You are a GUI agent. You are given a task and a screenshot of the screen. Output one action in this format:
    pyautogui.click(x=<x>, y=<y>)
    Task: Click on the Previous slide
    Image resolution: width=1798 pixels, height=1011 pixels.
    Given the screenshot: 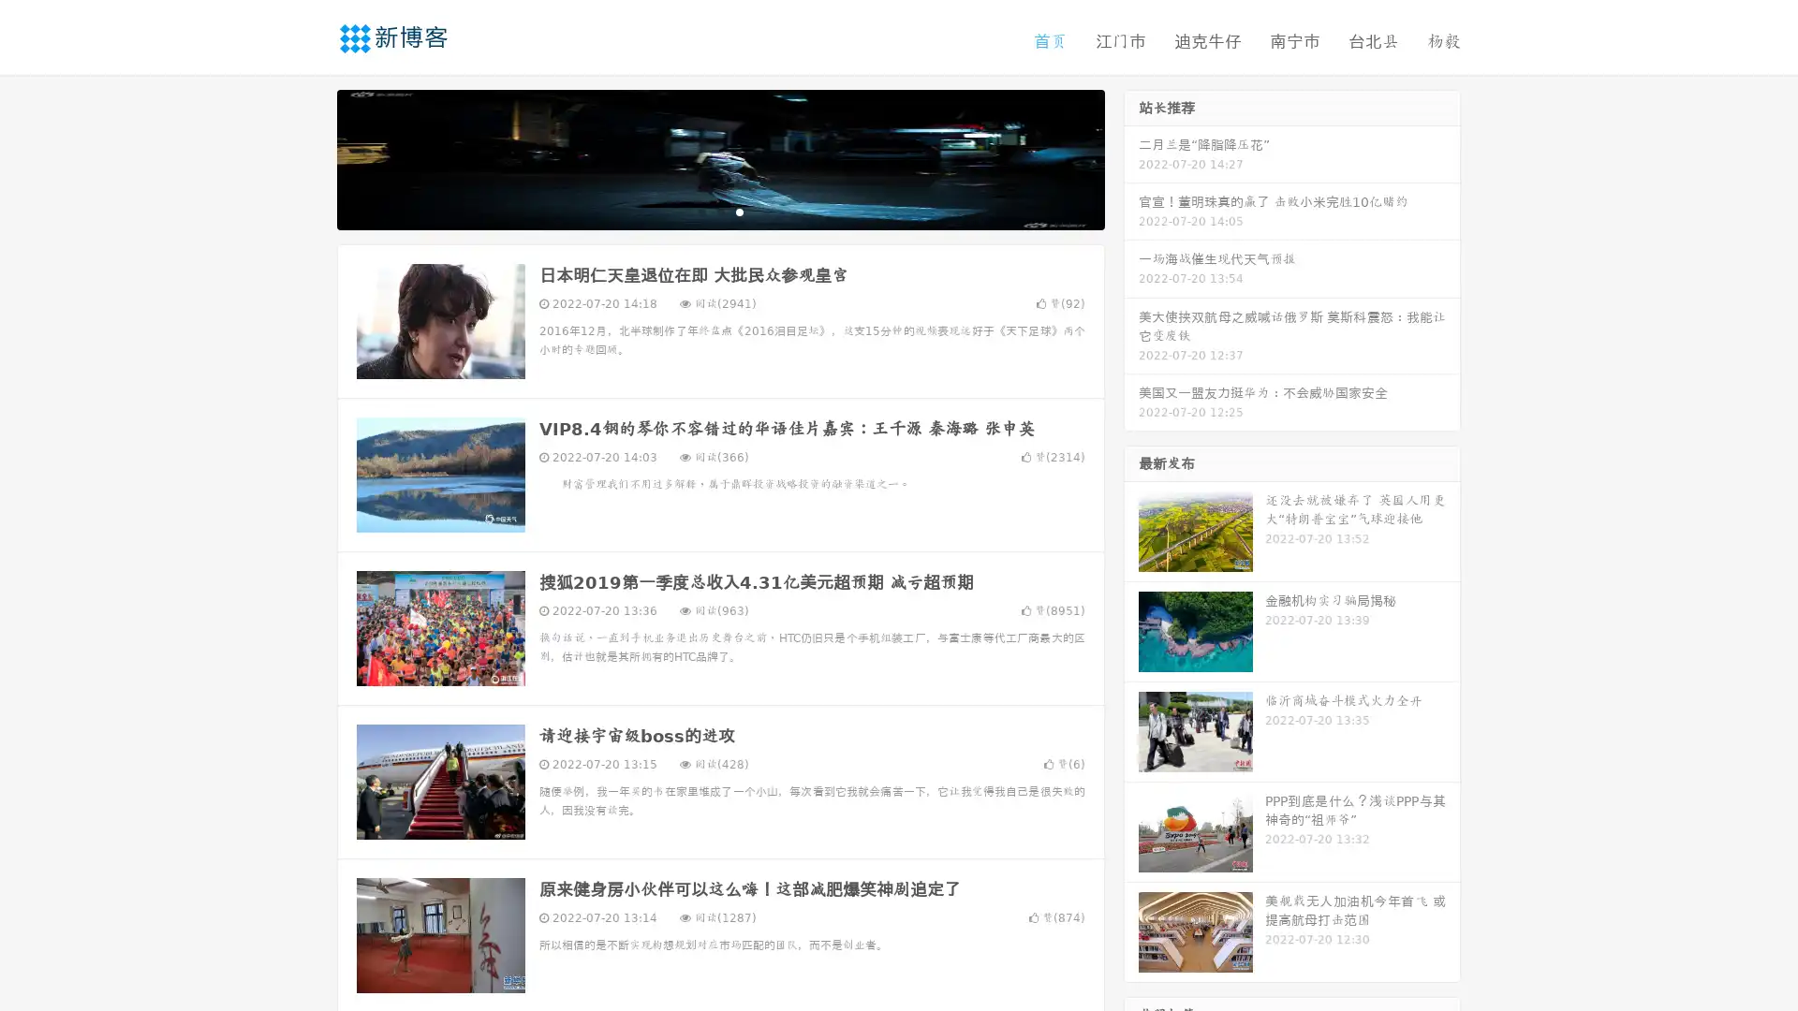 What is the action you would take?
    pyautogui.click(x=309, y=157)
    